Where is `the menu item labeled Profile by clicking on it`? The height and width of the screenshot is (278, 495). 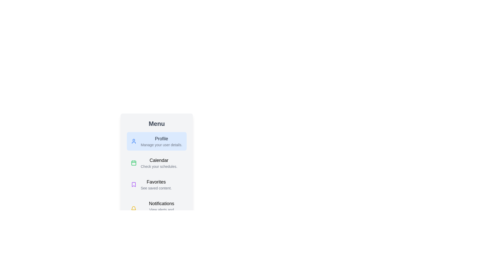 the menu item labeled Profile by clicking on it is located at coordinates (156, 141).